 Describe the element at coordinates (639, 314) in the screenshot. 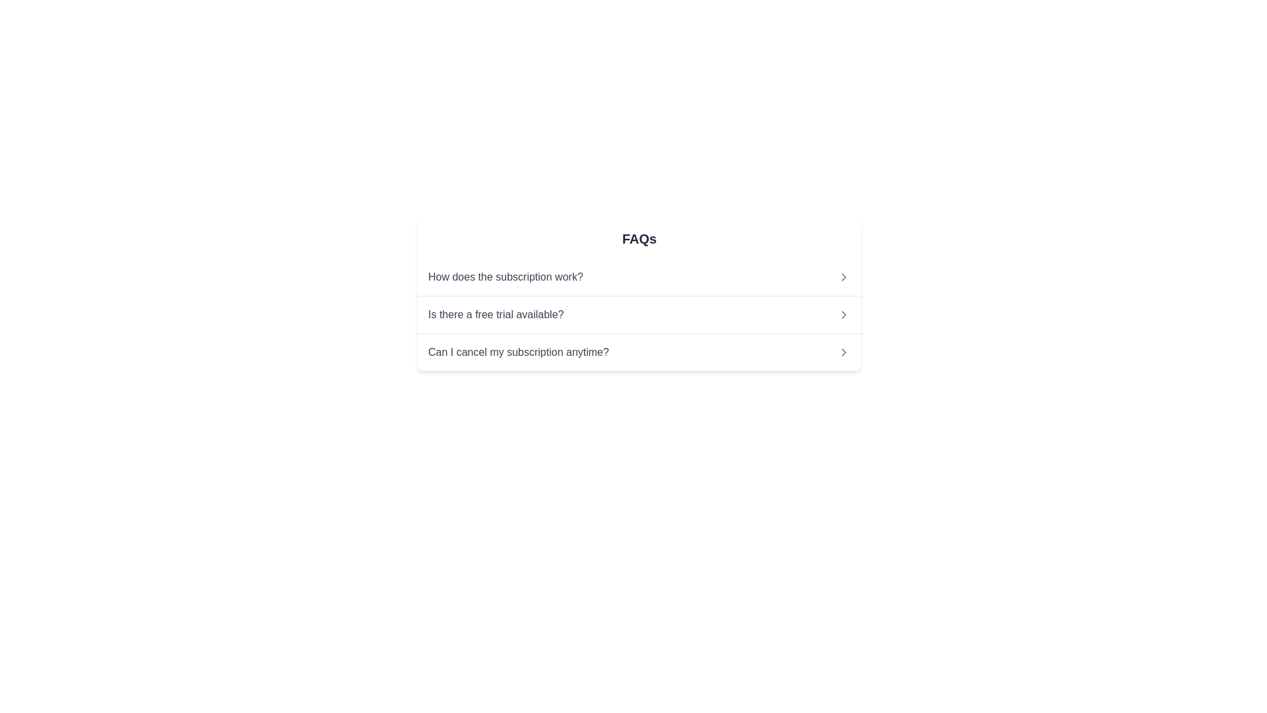

I see `the interactive list entry regarding 'Is there a free trial available?' to indicate interactivity` at that location.